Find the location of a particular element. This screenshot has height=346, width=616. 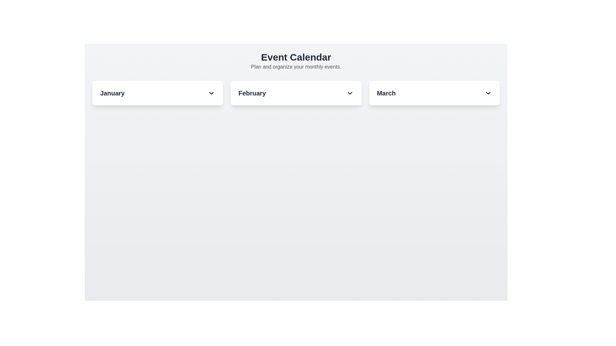

the chevron arrow icon located at the far-right of the 'February' dropdown is located at coordinates (349, 93).